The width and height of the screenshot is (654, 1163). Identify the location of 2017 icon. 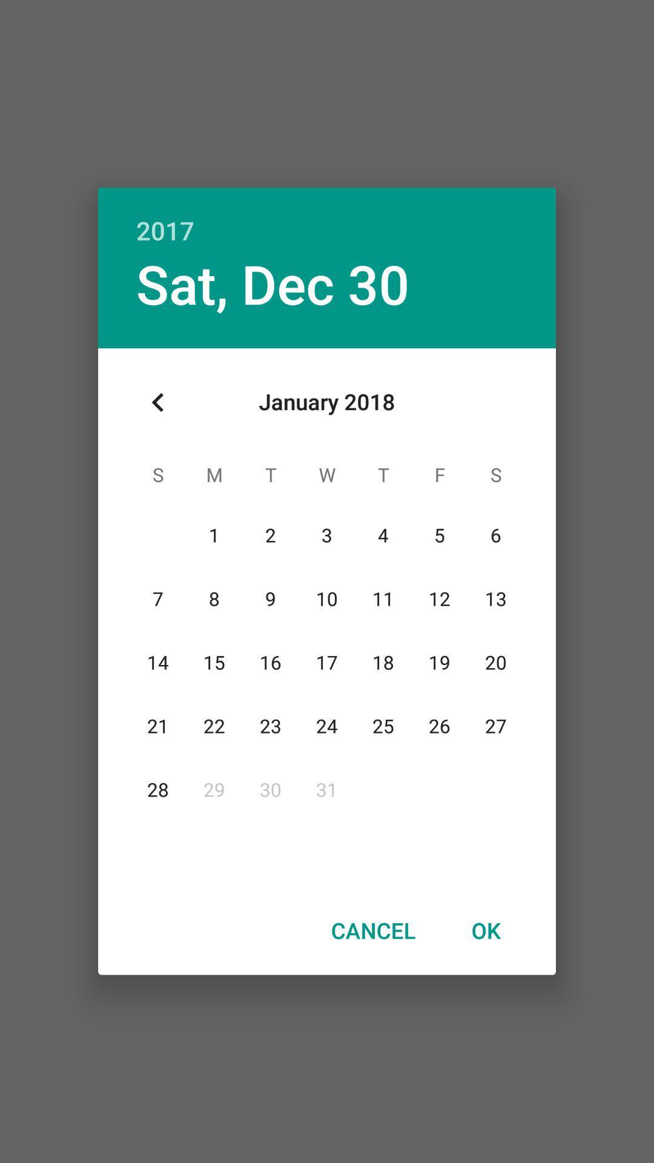
(327, 217).